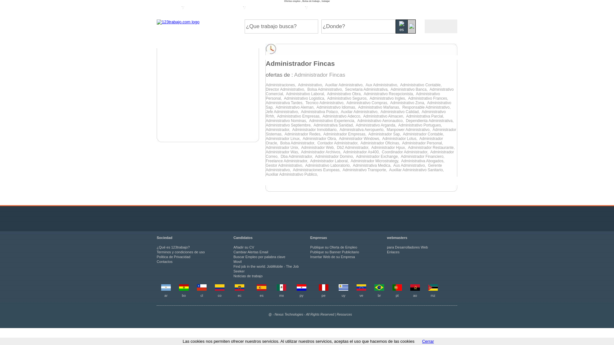  Describe the element at coordinates (417, 170) in the screenshot. I see `'Auxiliar Administrativo Sanitario, '` at that location.